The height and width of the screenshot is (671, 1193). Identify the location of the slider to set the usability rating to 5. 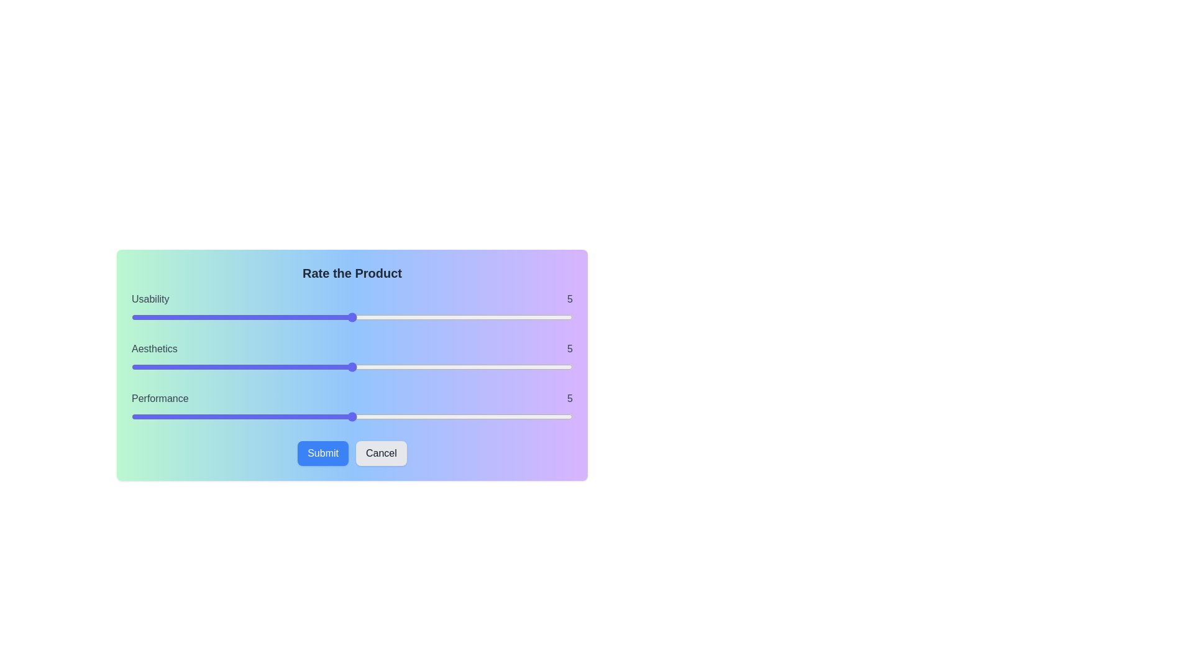
(351, 316).